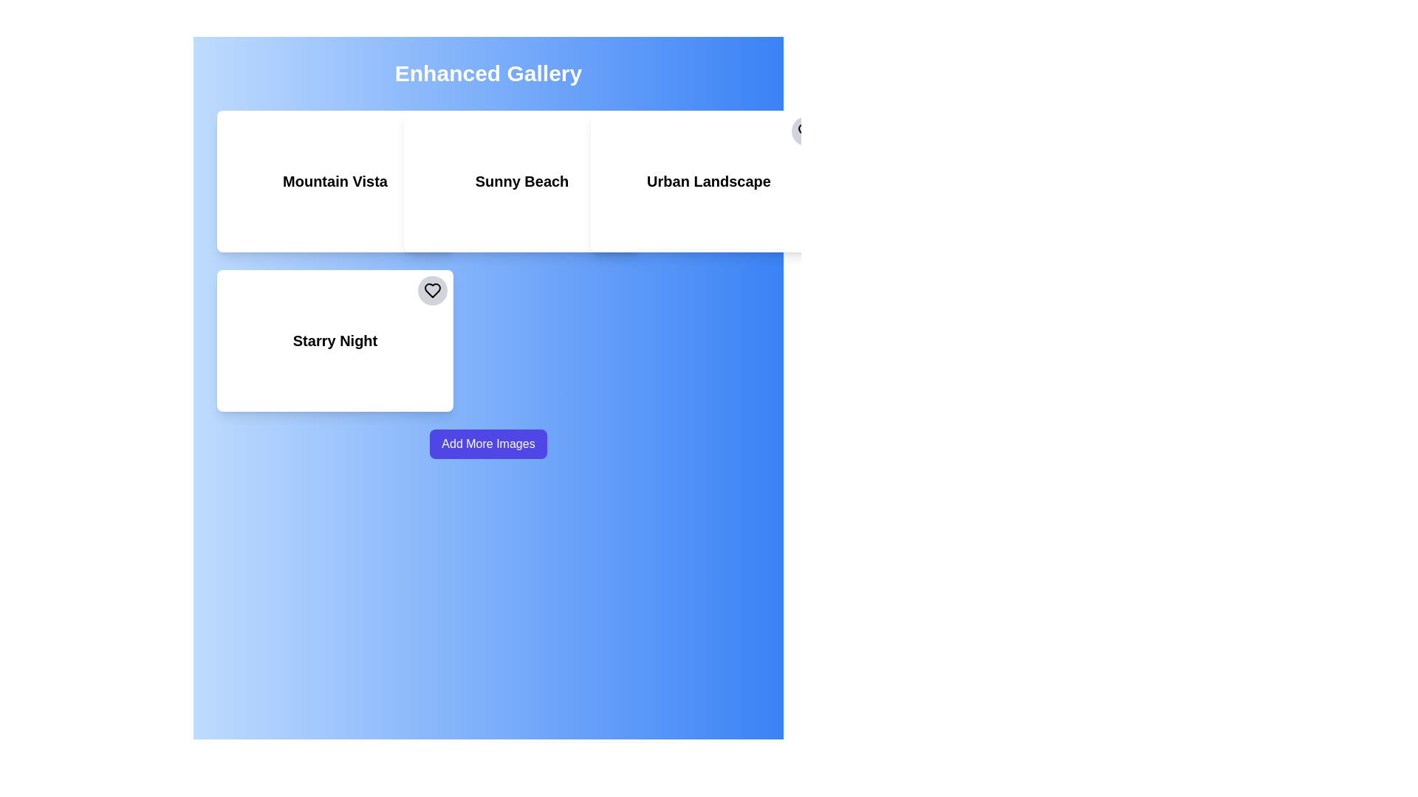  Describe the element at coordinates (335, 341) in the screenshot. I see `the fourth card in the grid layout representing 'Starry Night' located in the bottom-left section` at that location.